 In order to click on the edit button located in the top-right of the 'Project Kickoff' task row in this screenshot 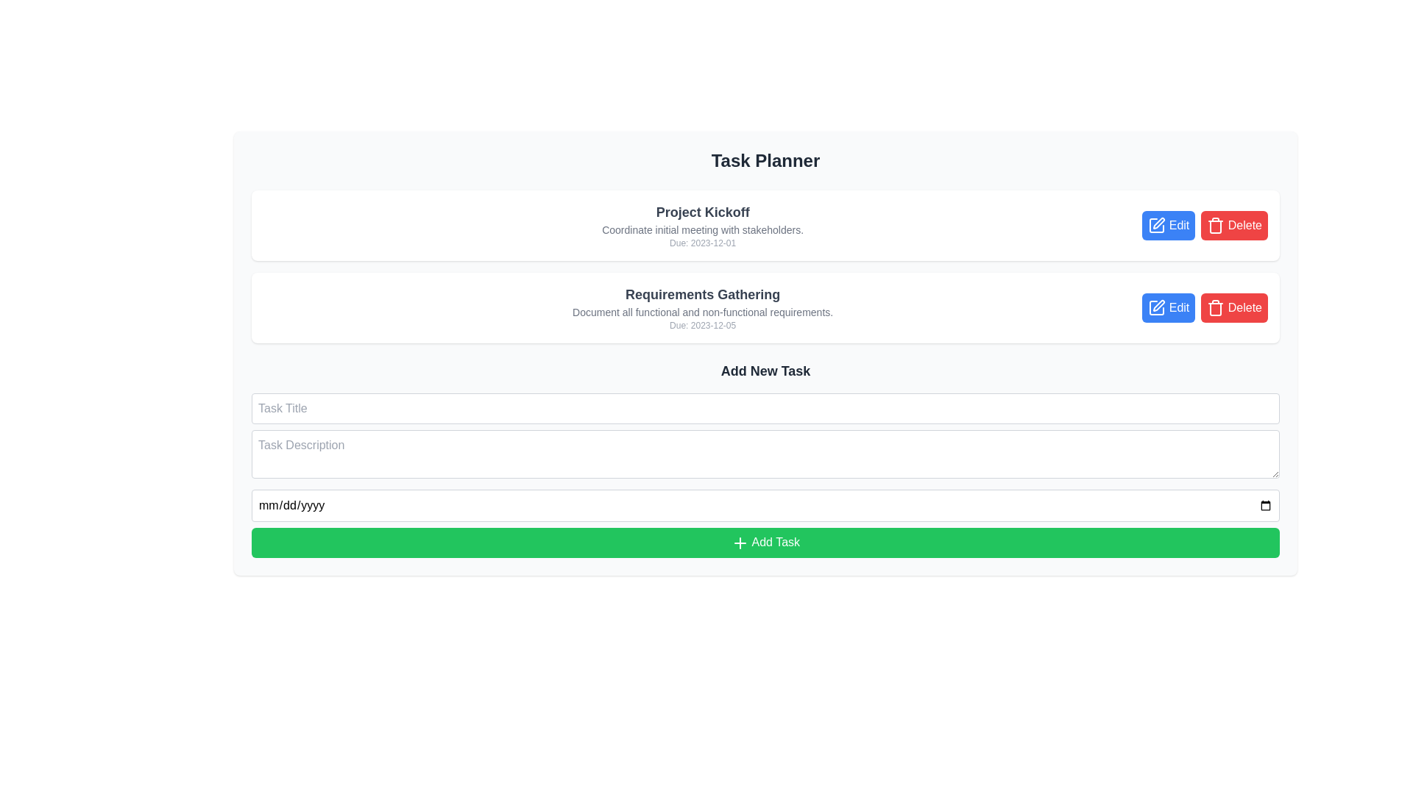, I will do `click(1168, 226)`.